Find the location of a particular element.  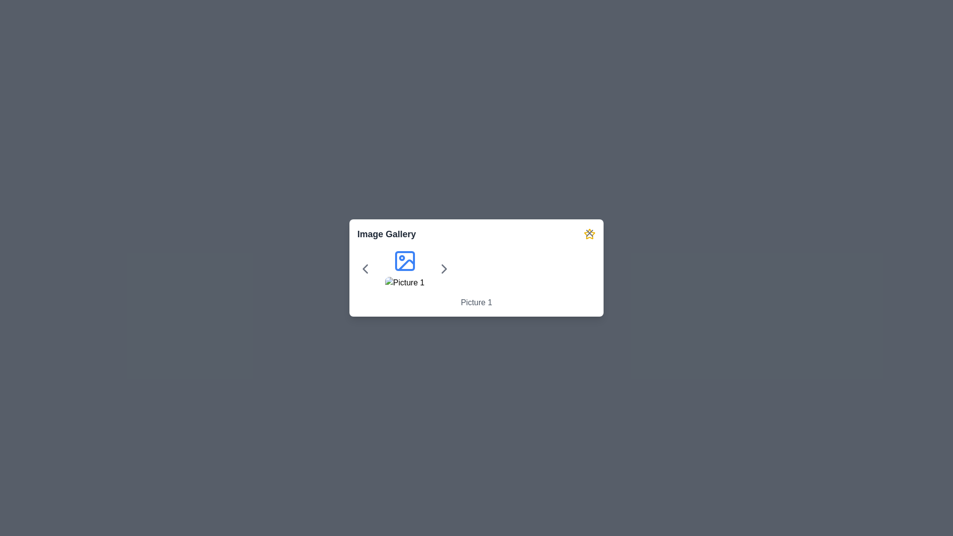

the right-pointing gray arrow button is located at coordinates (444, 269).